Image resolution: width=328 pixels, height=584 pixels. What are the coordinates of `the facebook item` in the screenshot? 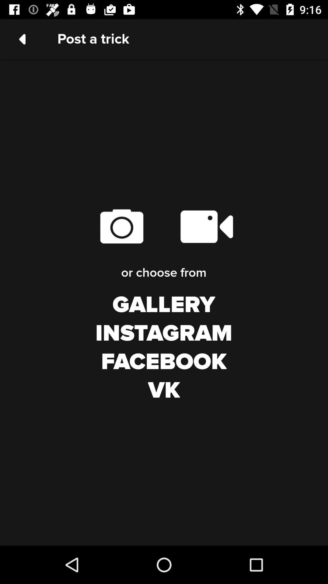 It's located at (163, 362).